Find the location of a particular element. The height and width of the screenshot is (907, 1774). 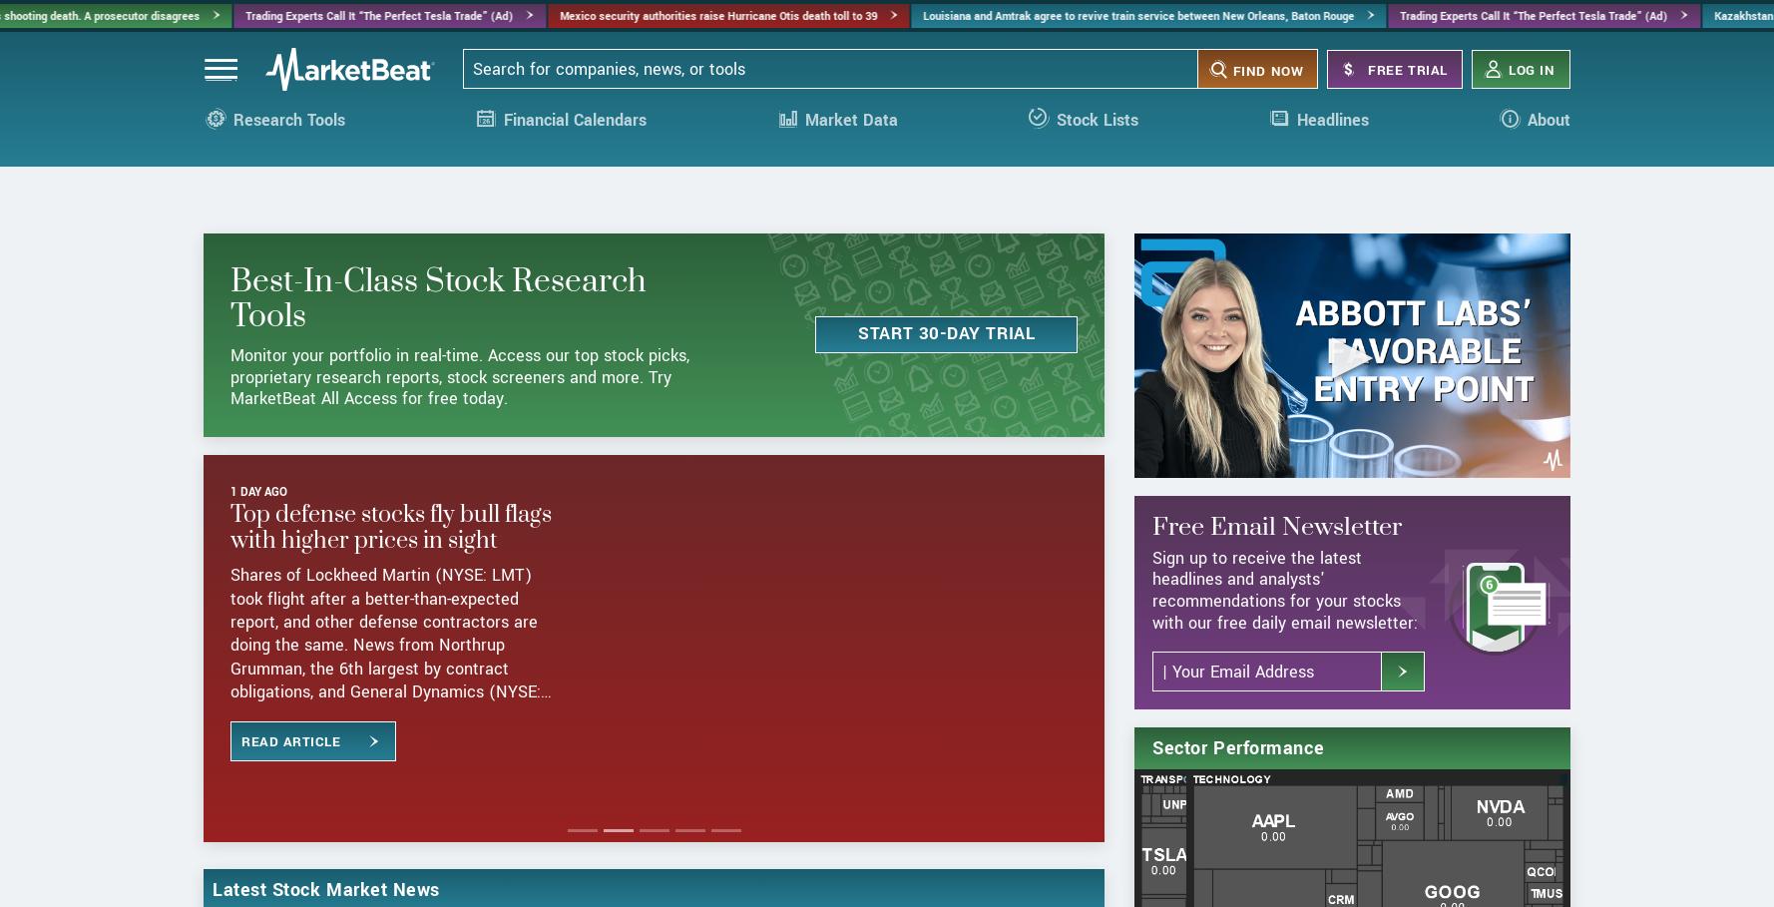

'Research Tools' is located at coordinates (287, 144).